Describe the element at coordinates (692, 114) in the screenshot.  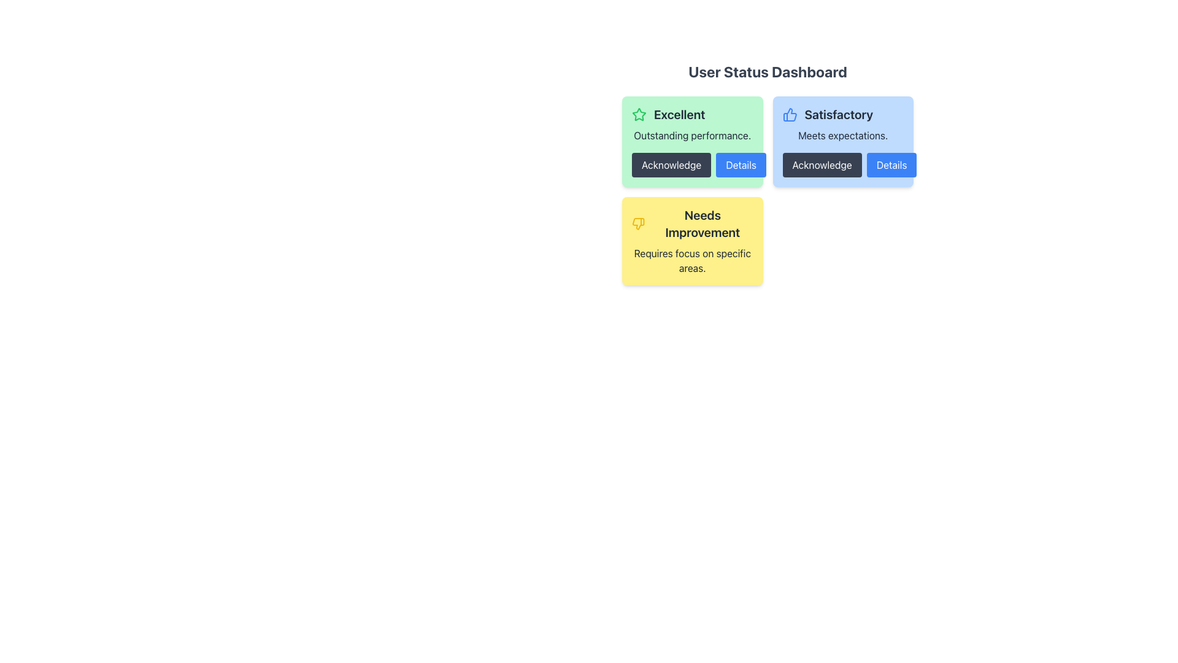
I see `the Label with Icon that features a green outlined star icon and the bold text 'Excellent', located at the top-left corner inside a green card labeled 'Outstanding performance.'` at that location.